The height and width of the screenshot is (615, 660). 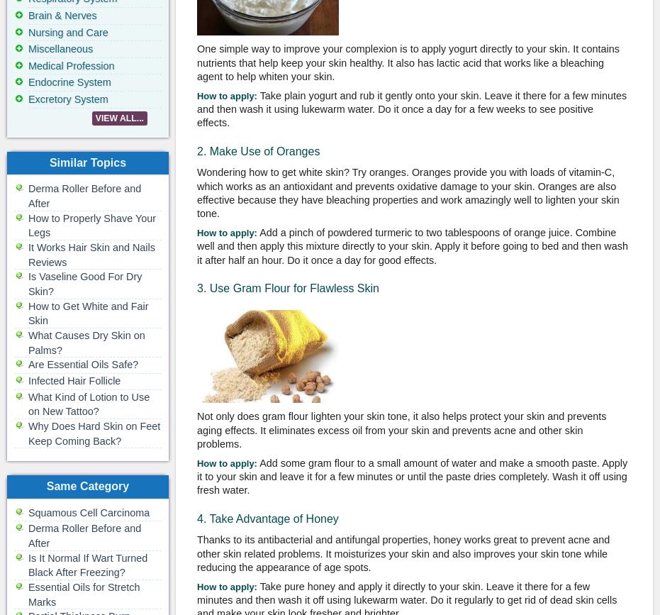 What do you see at coordinates (196, 245) in the screenshot?
I see `'Add a pinch of powdered turmeric to two tablespoons of orange juice. Combine well and then apply this mixture directly to your skin. Apply it before going to bed and then wash it after half an hour. Do it once a day for good effects.'` at bounding box center [196, 245].